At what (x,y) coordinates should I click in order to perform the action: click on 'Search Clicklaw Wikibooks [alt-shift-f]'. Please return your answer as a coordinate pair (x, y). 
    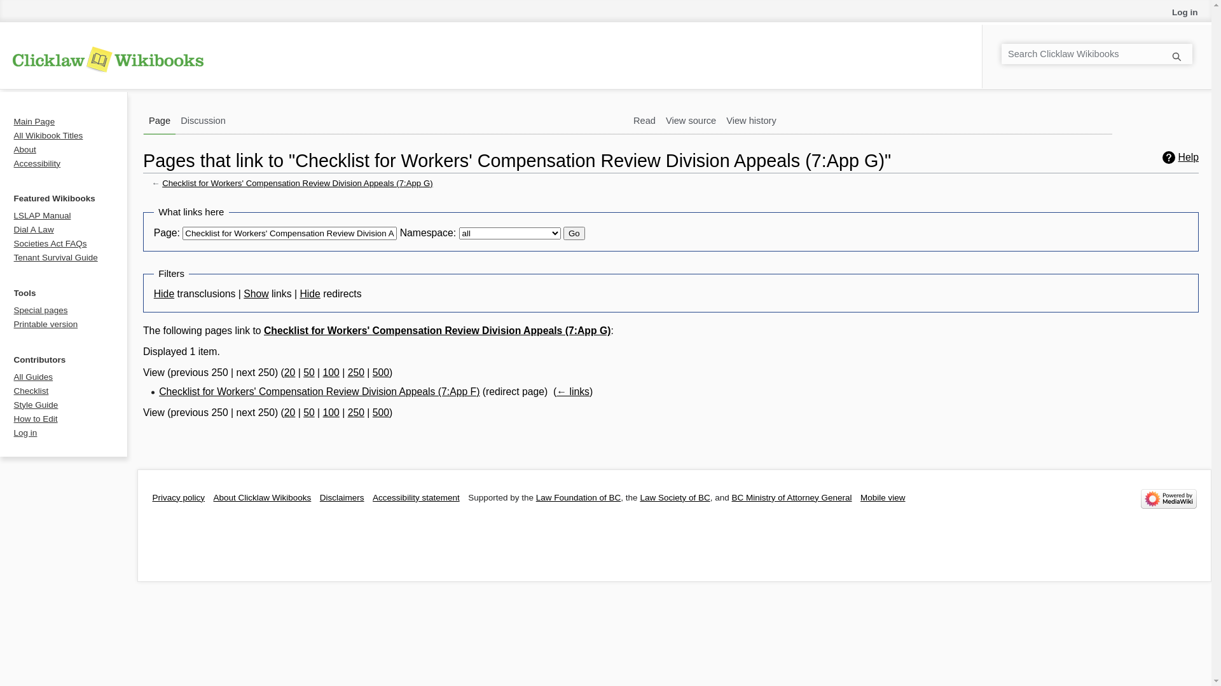
    Looking at the image, I should click on (1096, 53).